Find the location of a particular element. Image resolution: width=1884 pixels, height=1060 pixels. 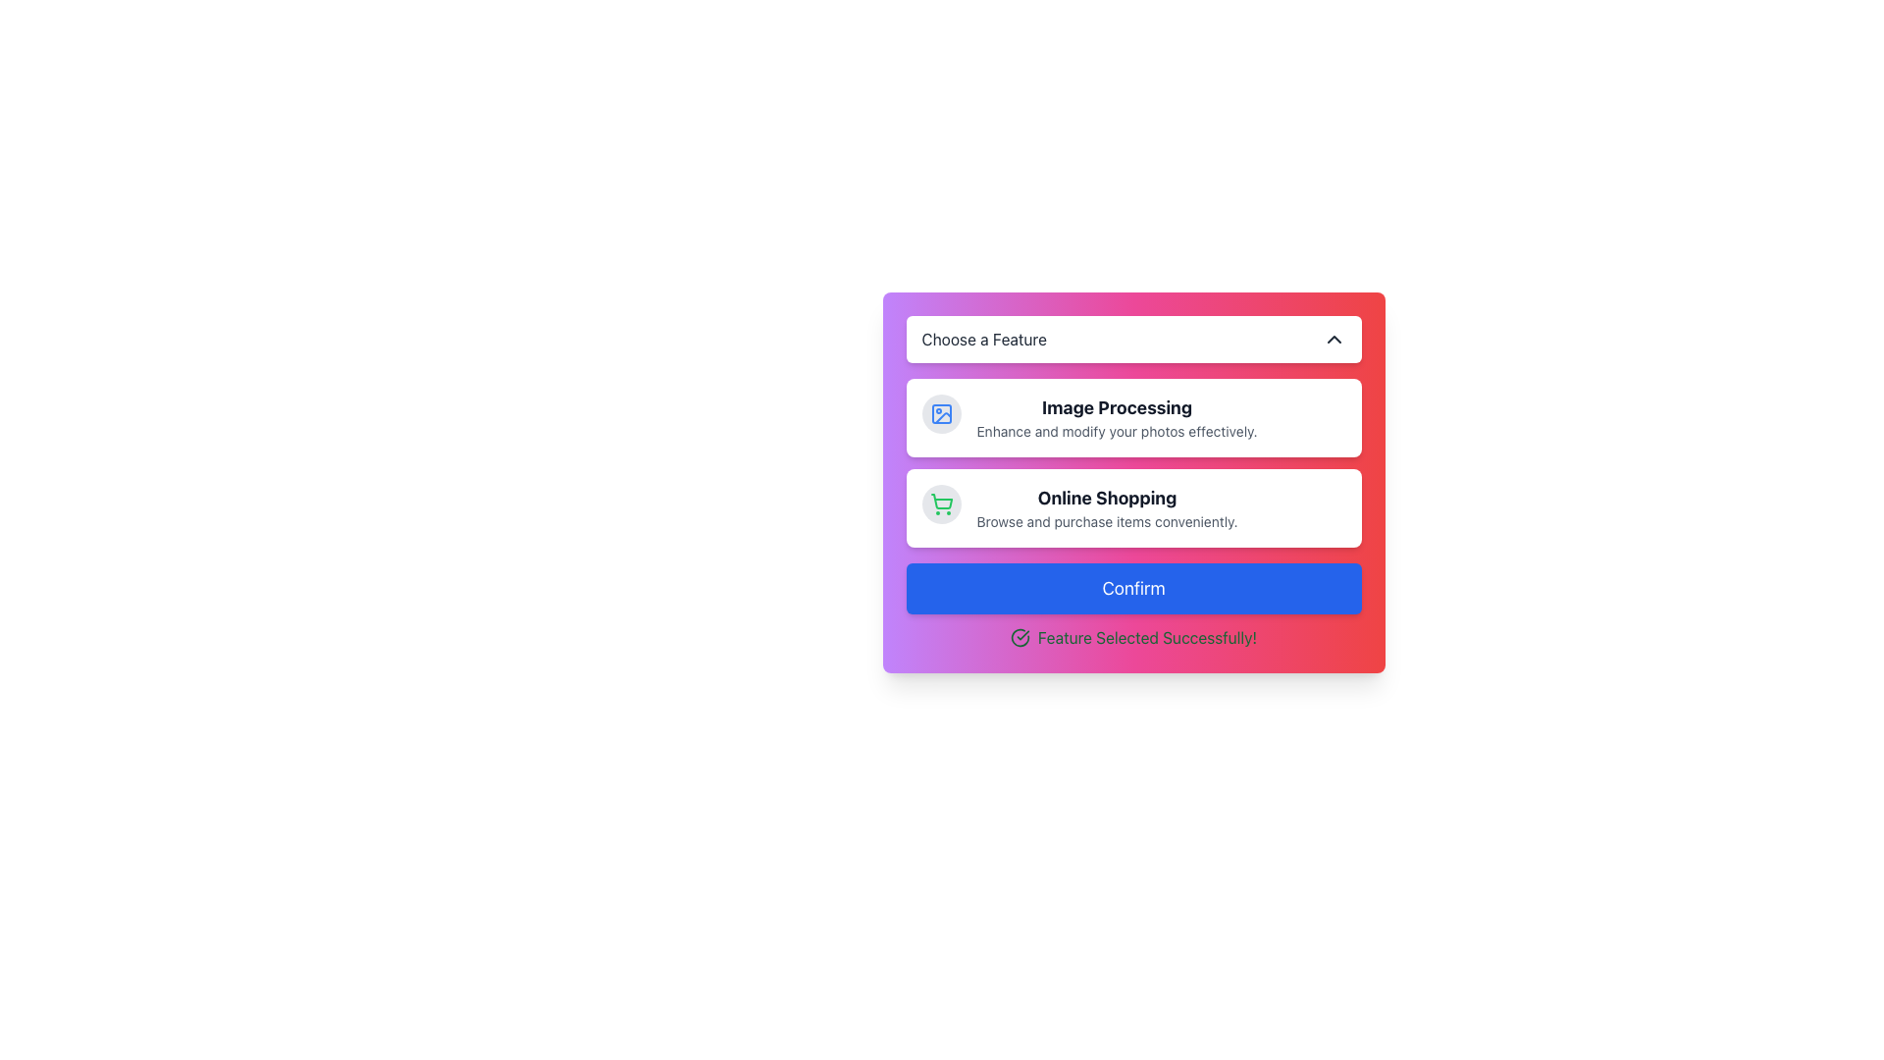

the main body of the shopping cart icon located at the bottom-right corner of the interface is located at coordinates (940, 501).